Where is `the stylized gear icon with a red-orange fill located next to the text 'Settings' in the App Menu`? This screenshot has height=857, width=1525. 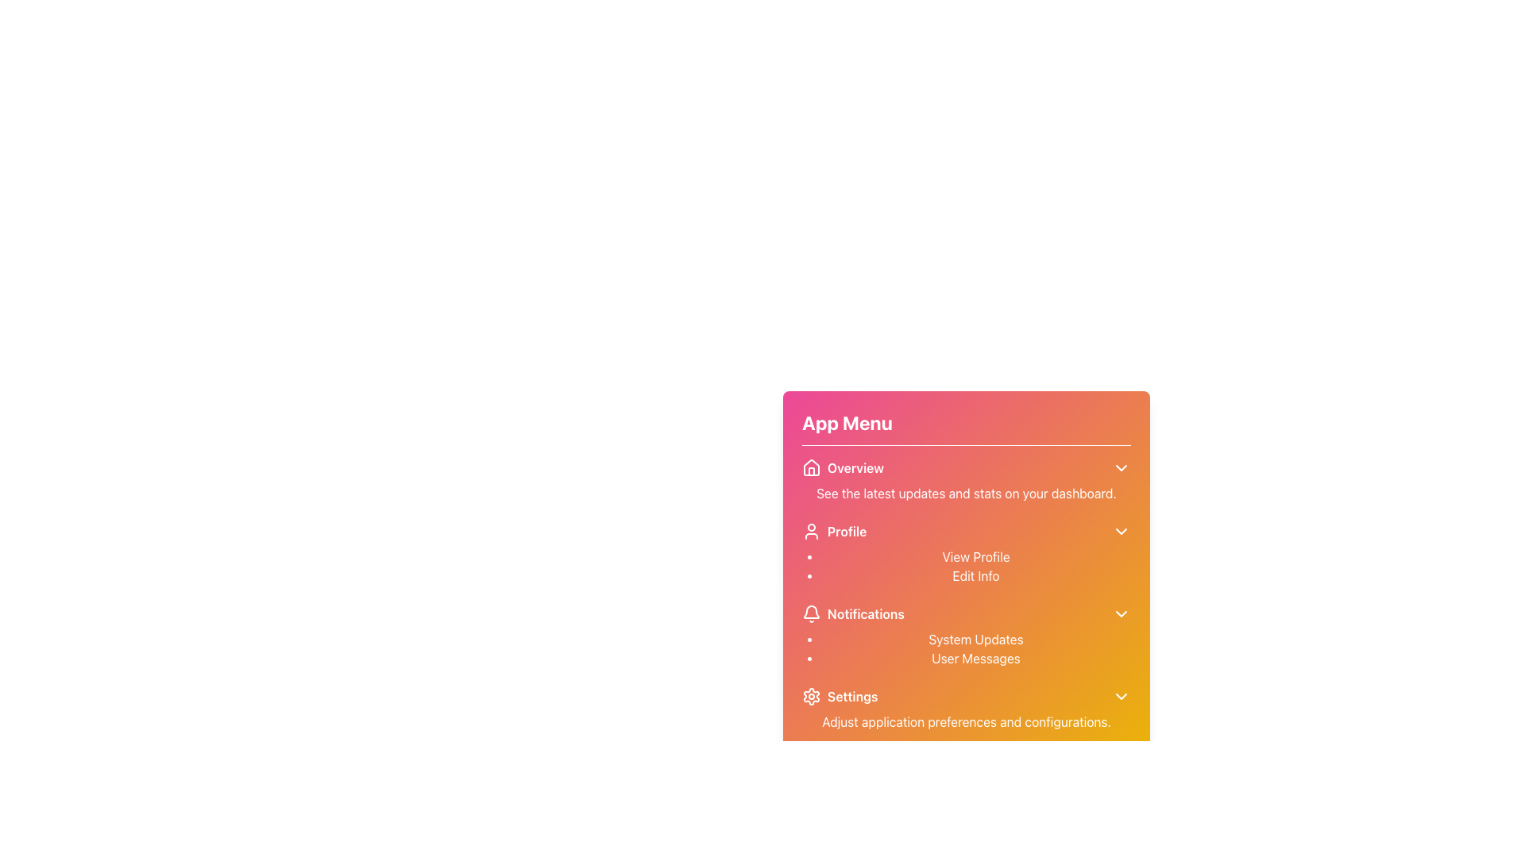 the stylized gear icon with a red-orange fill located next to the text 'Settings' in the App Menu is located at coordinates (812, 696).